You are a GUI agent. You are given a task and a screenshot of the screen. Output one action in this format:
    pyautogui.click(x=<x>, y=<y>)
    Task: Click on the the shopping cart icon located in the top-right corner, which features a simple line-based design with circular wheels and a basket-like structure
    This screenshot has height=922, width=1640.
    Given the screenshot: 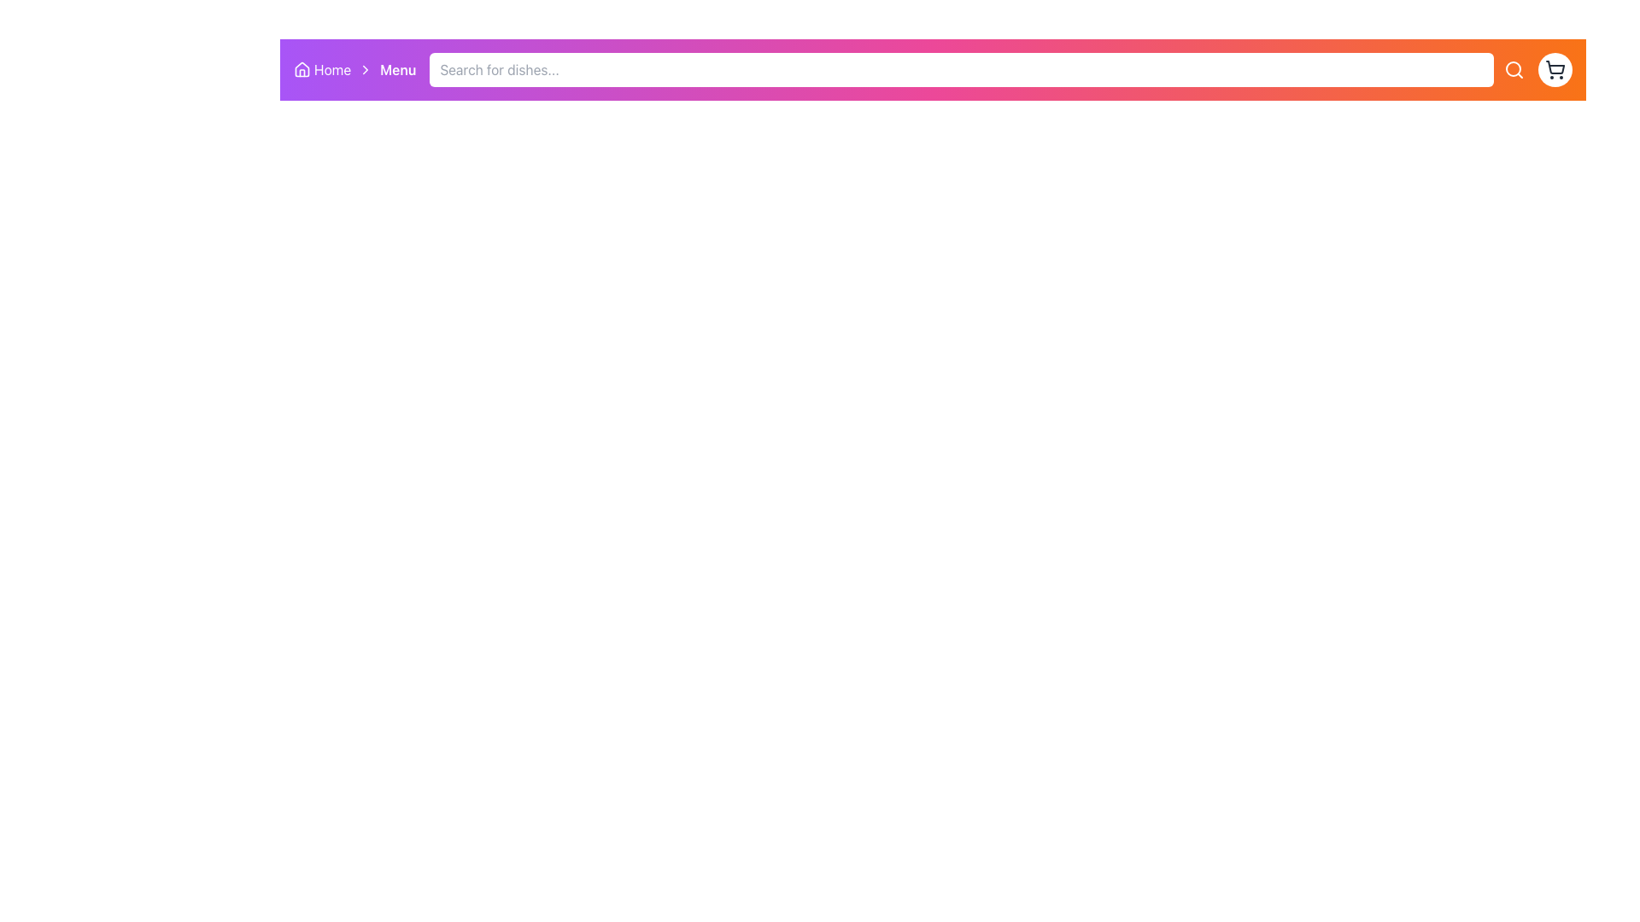 What is the action you would take?
    pyautogui.click(x=1555, y=68)
    